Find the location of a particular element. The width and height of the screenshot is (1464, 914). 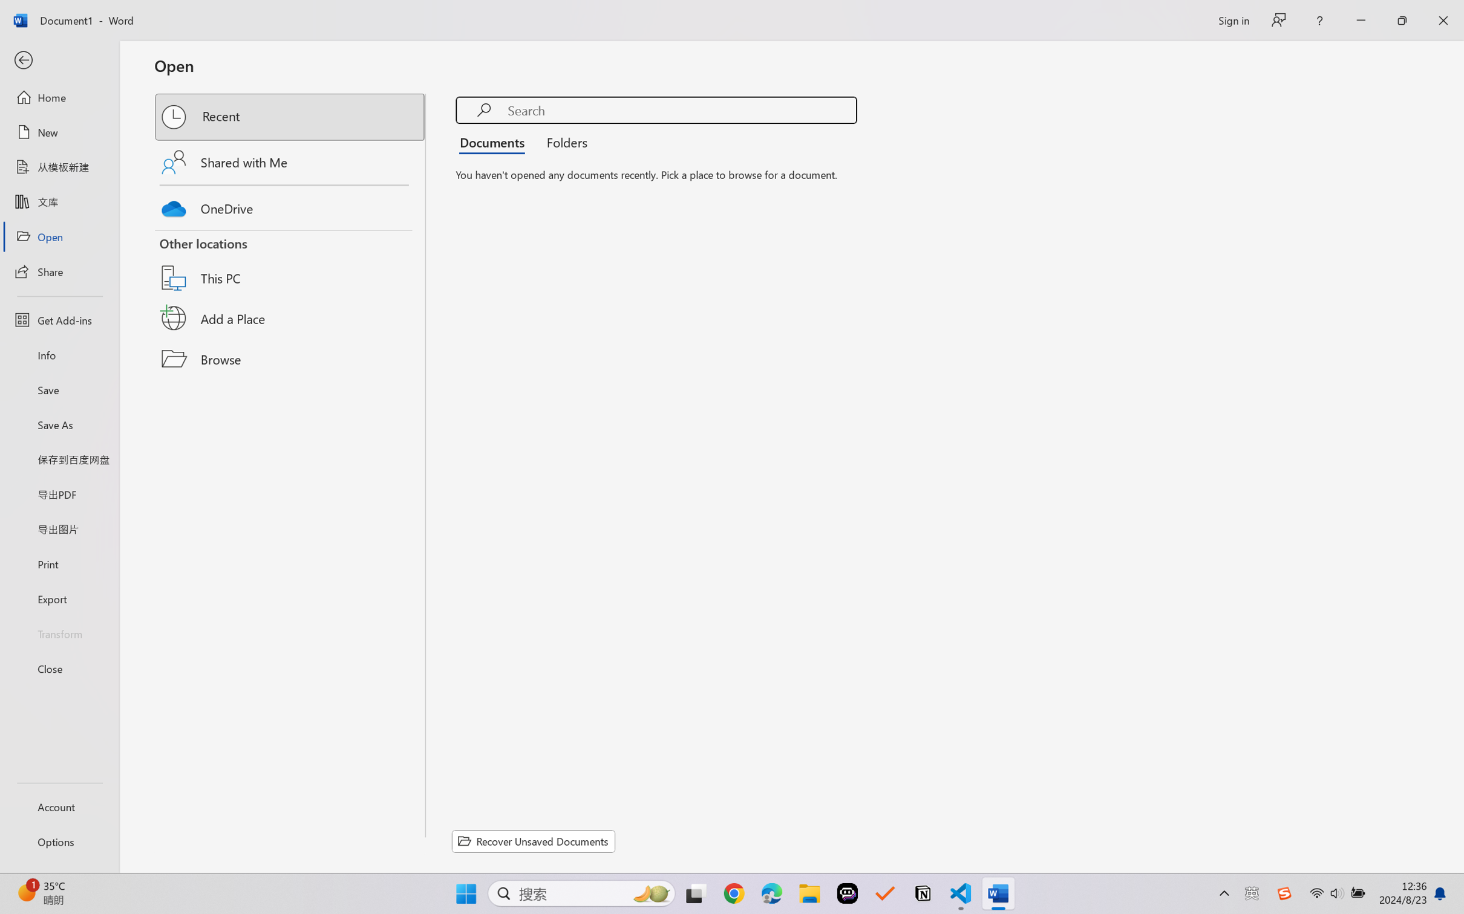

'Shared with Me' is located at coordinates (290, 161).